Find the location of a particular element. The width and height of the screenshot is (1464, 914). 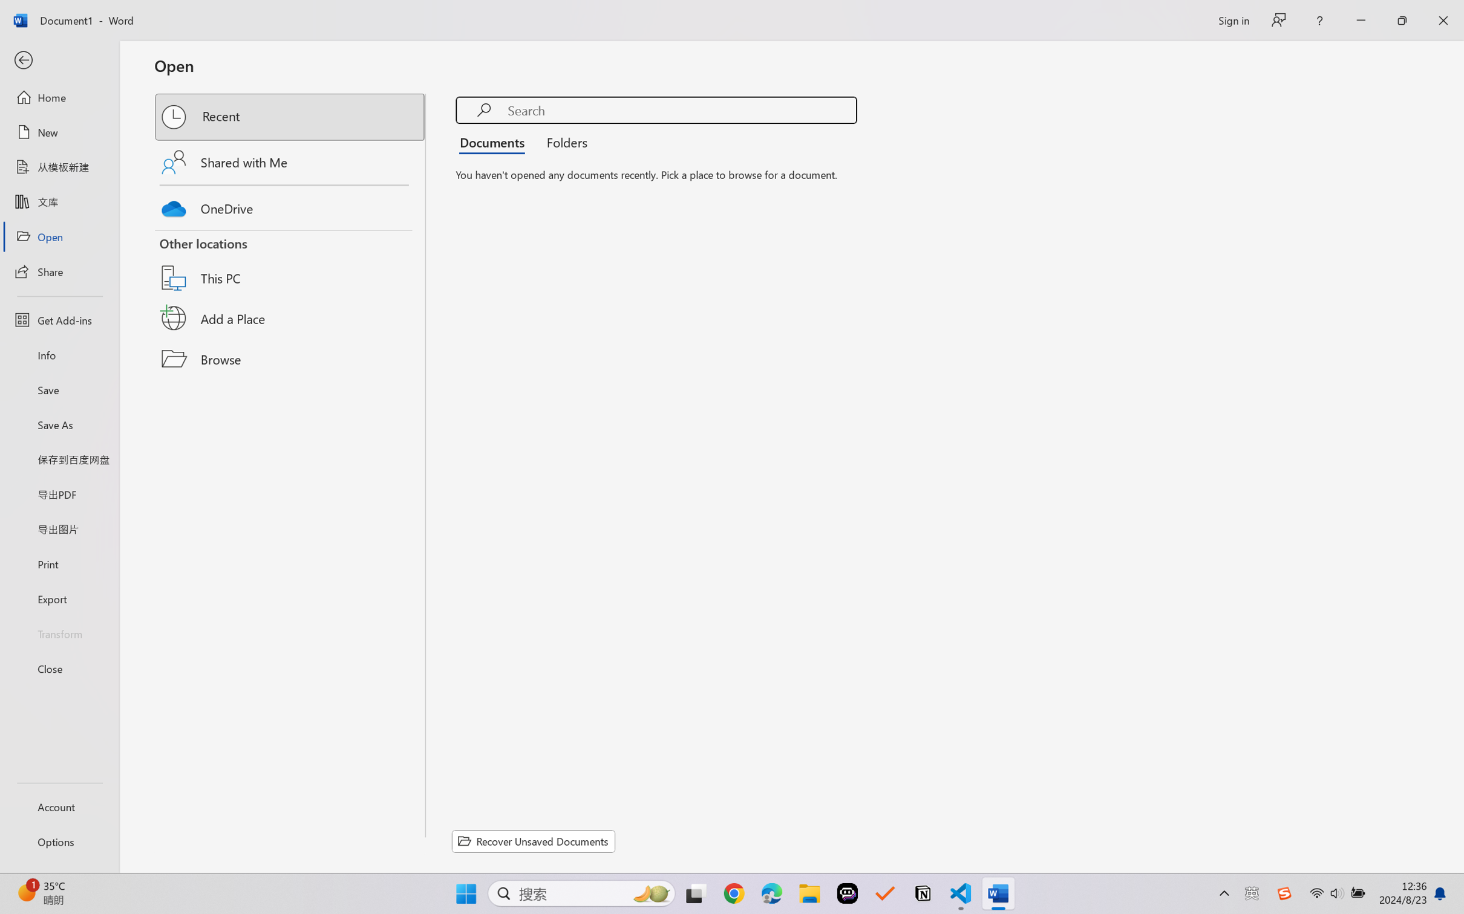

'Shared with Me' is located at coordinates (290, 161).